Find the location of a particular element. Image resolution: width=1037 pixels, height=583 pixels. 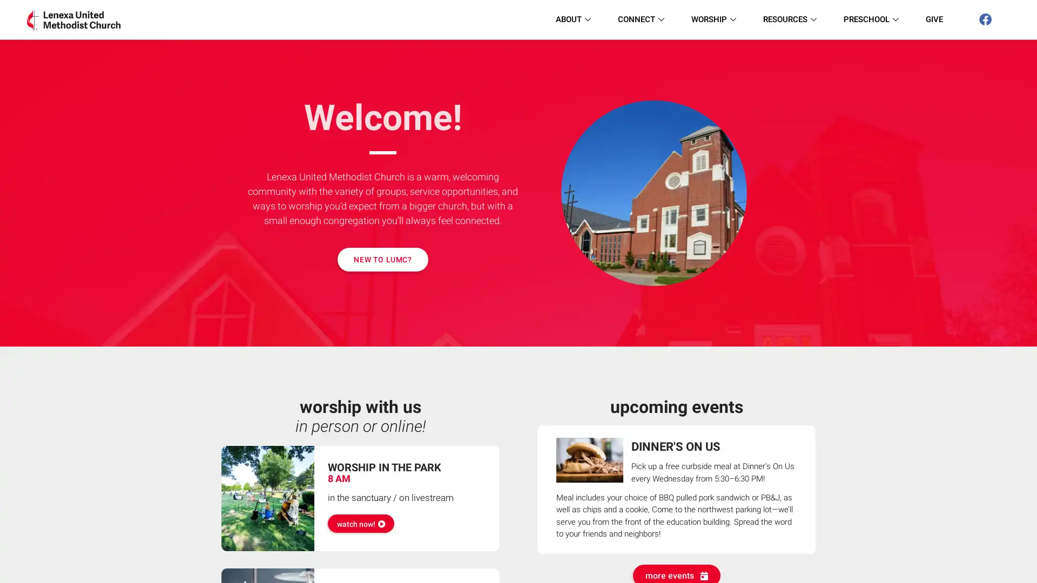

watch now! is located at coordinates (360, 522).